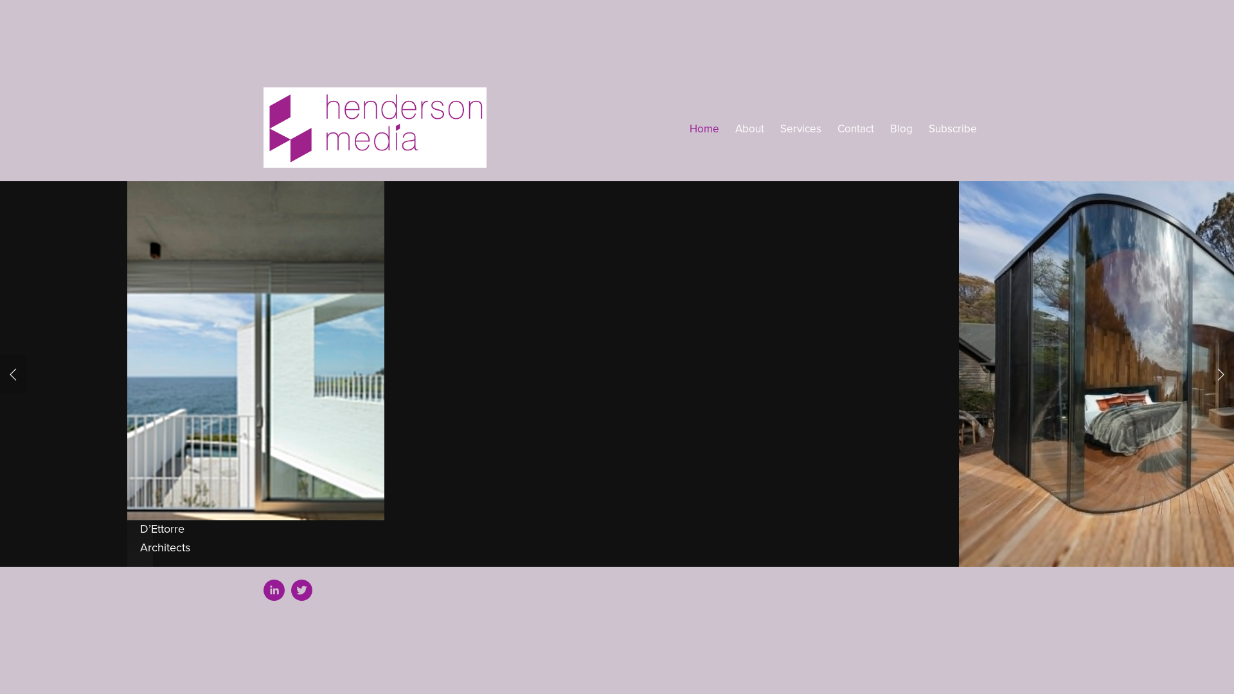  Describe the element at coordinates (689, 129) in the screenshot. I see `'Home'` at that location.